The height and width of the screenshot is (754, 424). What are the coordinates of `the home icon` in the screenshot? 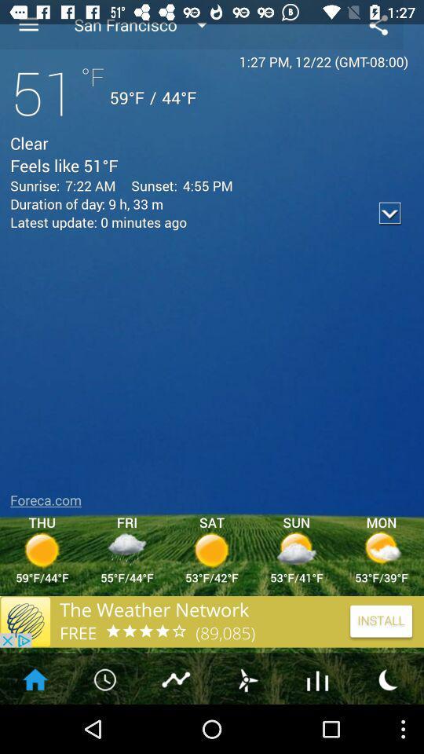 It's located at (35, 727).